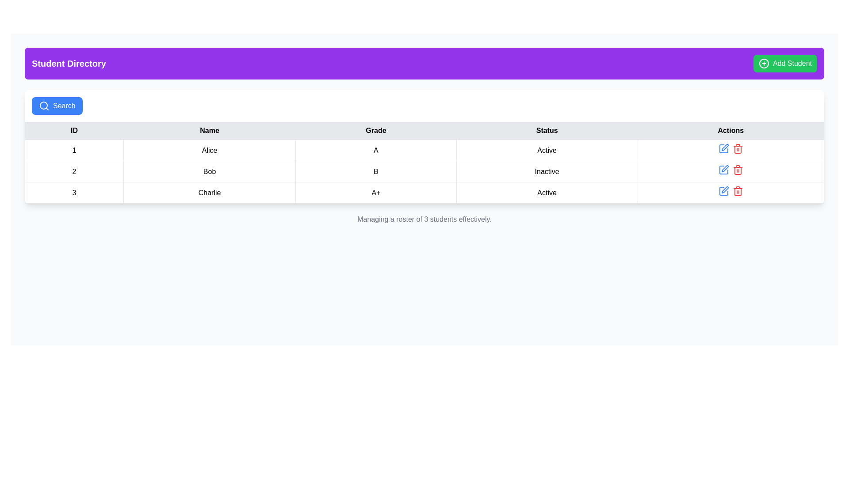 The height and width of the screenshot is (477, 849). I want to click on the fifth header cell labeled 'Actions' in the table, which has a bold black font on a gray background, so click(730, 131).